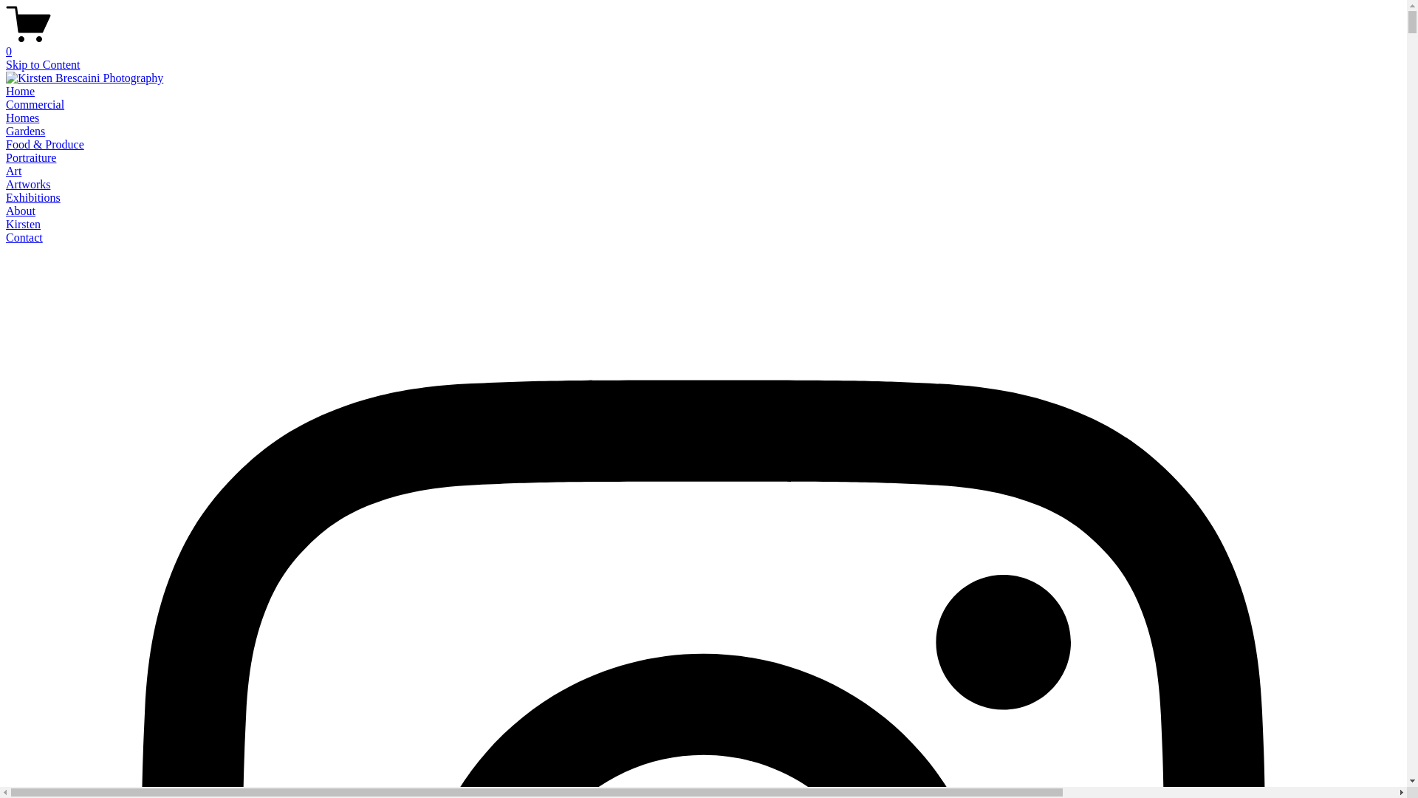 This screenshot has height=798, width=1418. Describe the element at coordinates (6, 103) in the screenshot. I see `'Commercial'` at that location.